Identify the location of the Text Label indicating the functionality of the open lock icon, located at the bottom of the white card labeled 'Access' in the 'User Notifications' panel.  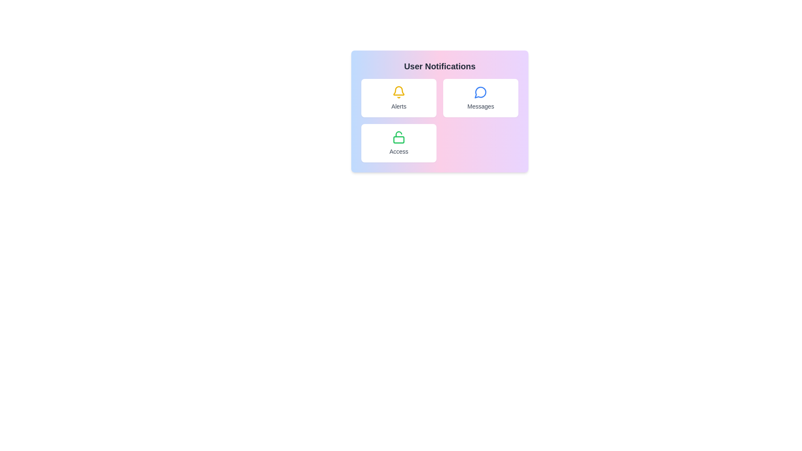
(398, 151).